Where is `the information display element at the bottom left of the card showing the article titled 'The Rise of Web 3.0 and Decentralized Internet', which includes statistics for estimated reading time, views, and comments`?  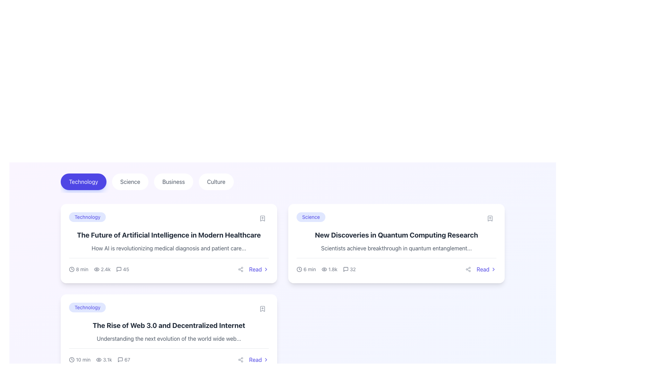 the information display element at the bottom left of the card showing the article titled 'The Rise of Web 3.0 and Decentralized Internet', which includes statistics for estimated reading time, views, and comments is located at coordinates (99, 359).